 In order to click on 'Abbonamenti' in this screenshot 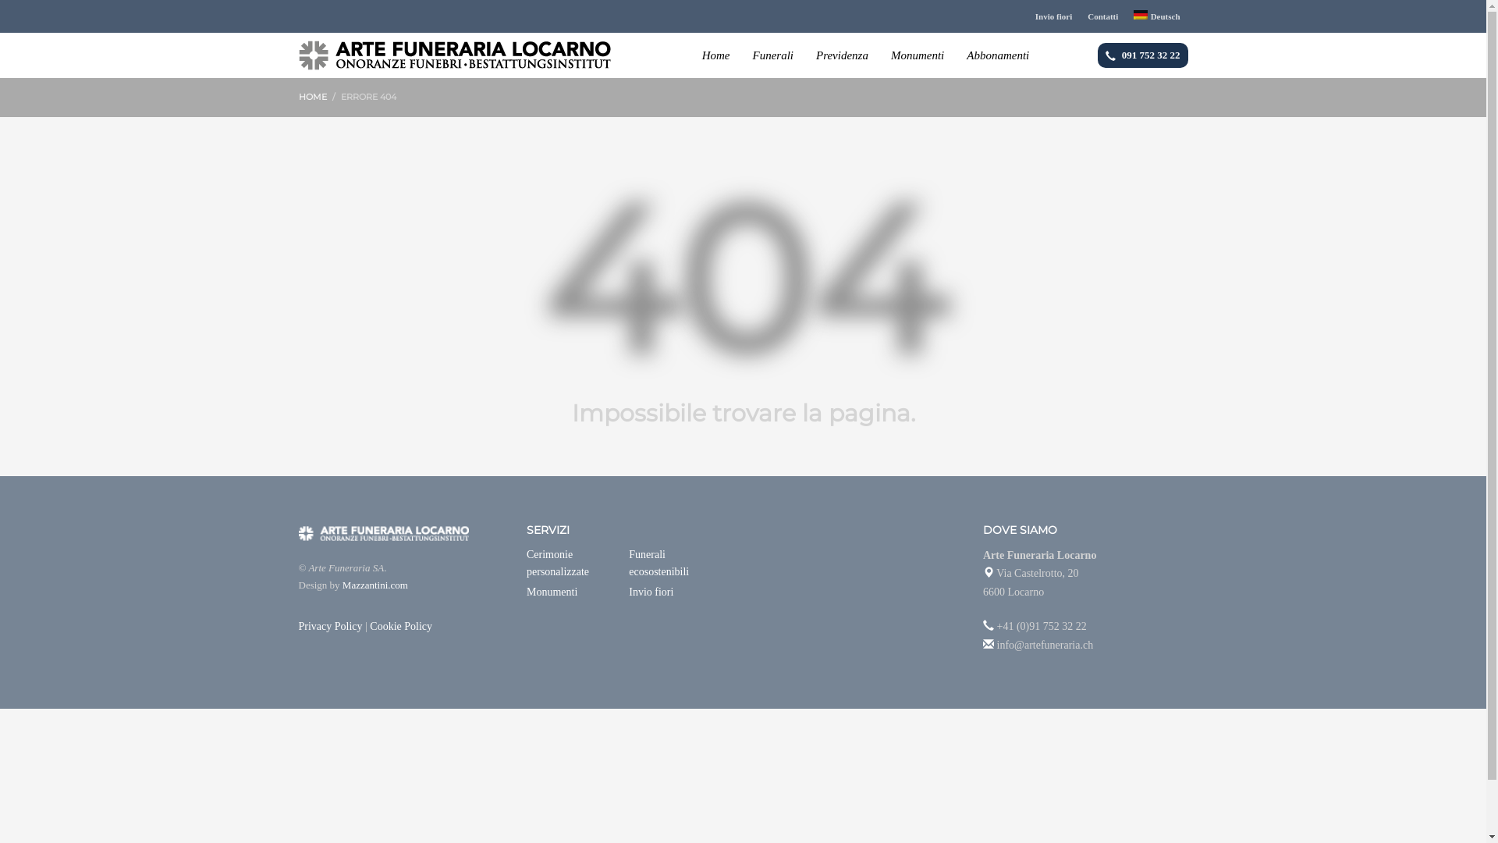, I will do `click(996, 54)`.